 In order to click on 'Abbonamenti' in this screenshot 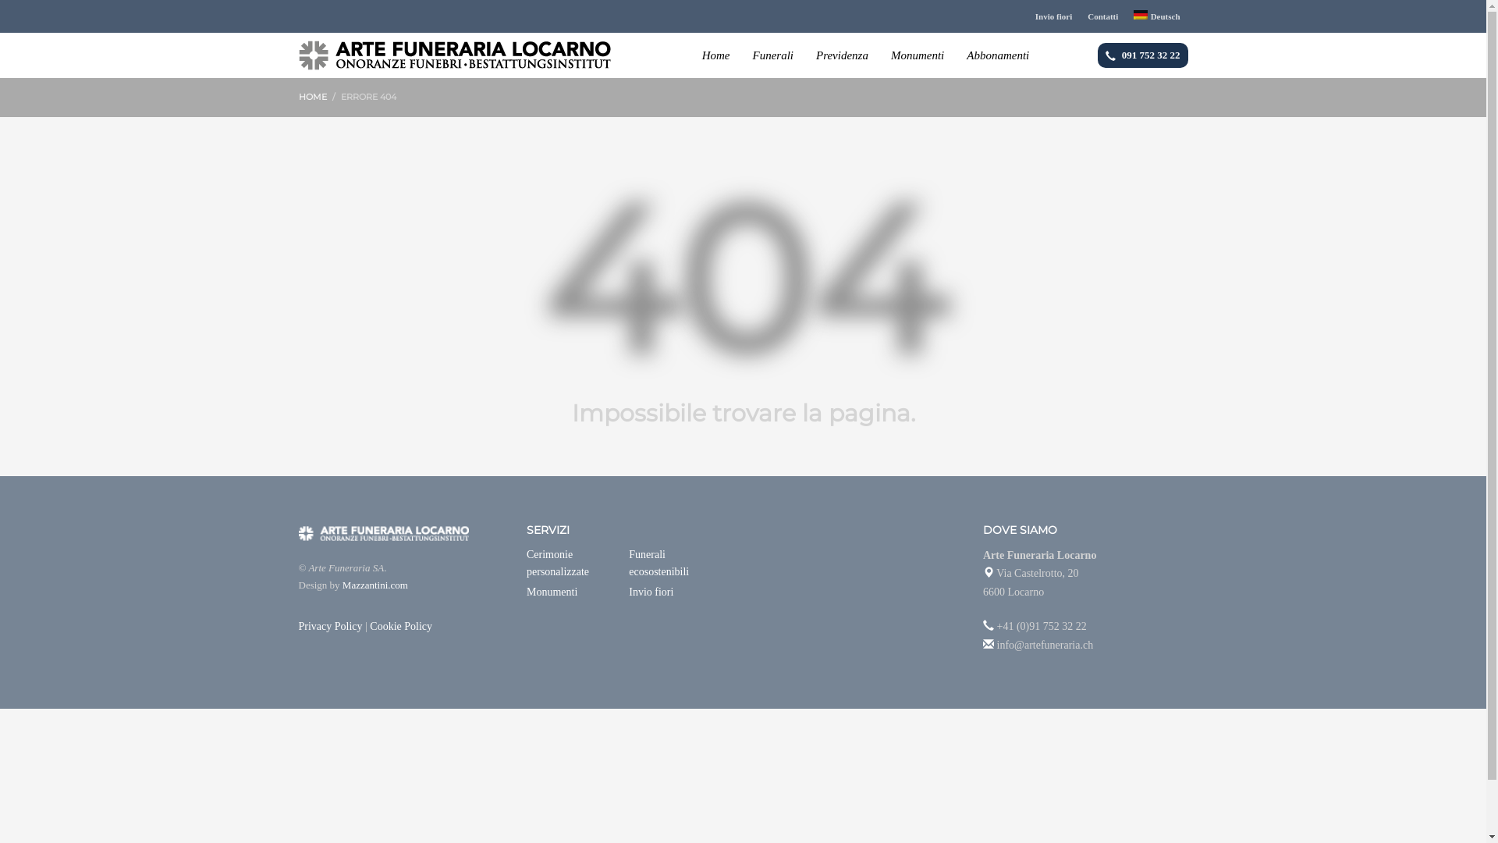, I will do `click(996, 54)`.